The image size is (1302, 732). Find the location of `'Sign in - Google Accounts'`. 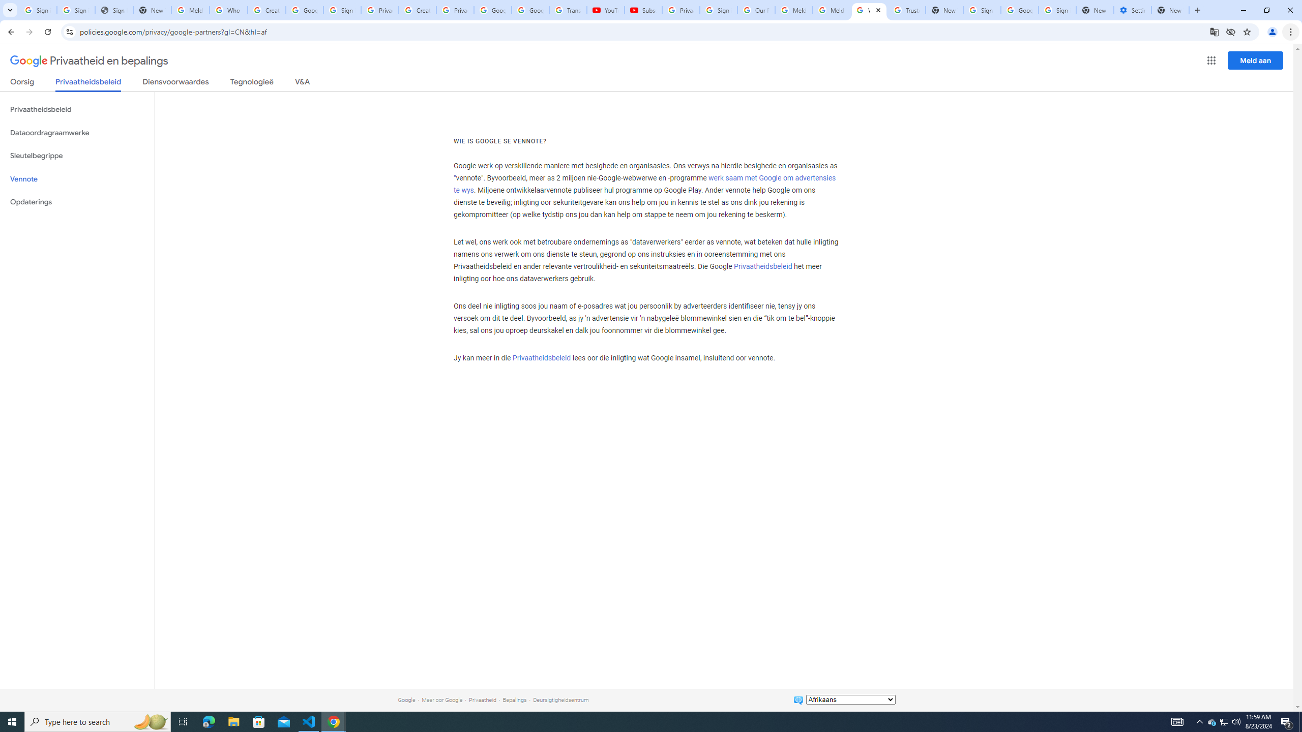

'Sign in - Google Accounts' is located at coordinates (342, 10).